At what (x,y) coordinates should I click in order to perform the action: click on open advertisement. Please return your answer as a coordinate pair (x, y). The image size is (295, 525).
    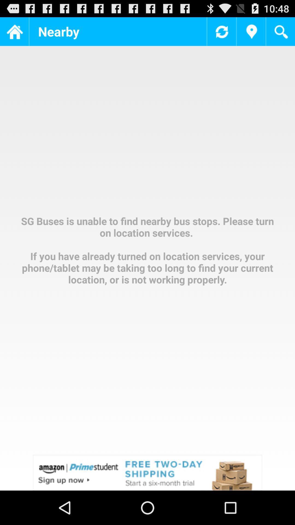
    Looking at the image, I should click on (147, 472).